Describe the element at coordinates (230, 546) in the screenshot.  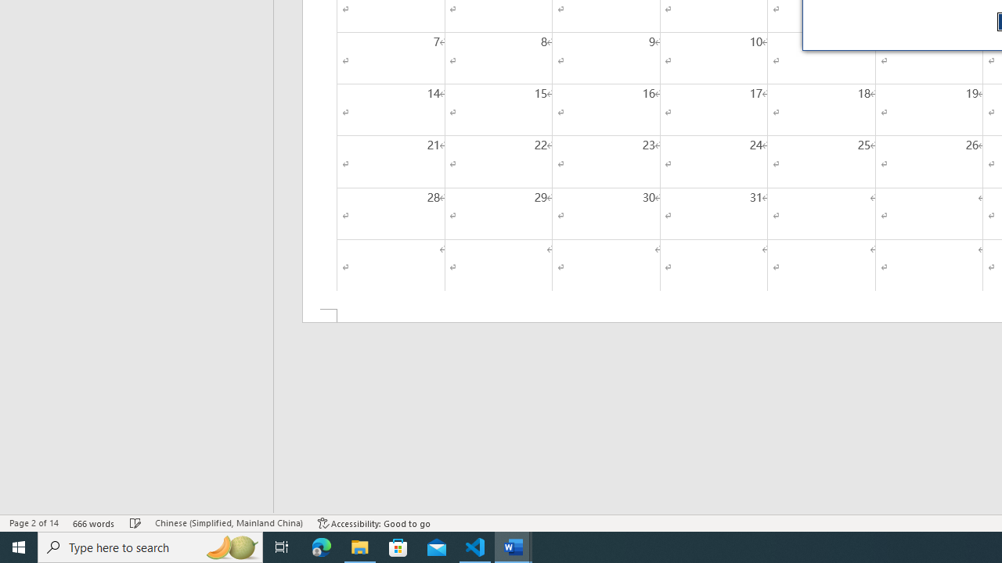
I see `'Search highlights icon opens search home window'` at that location.